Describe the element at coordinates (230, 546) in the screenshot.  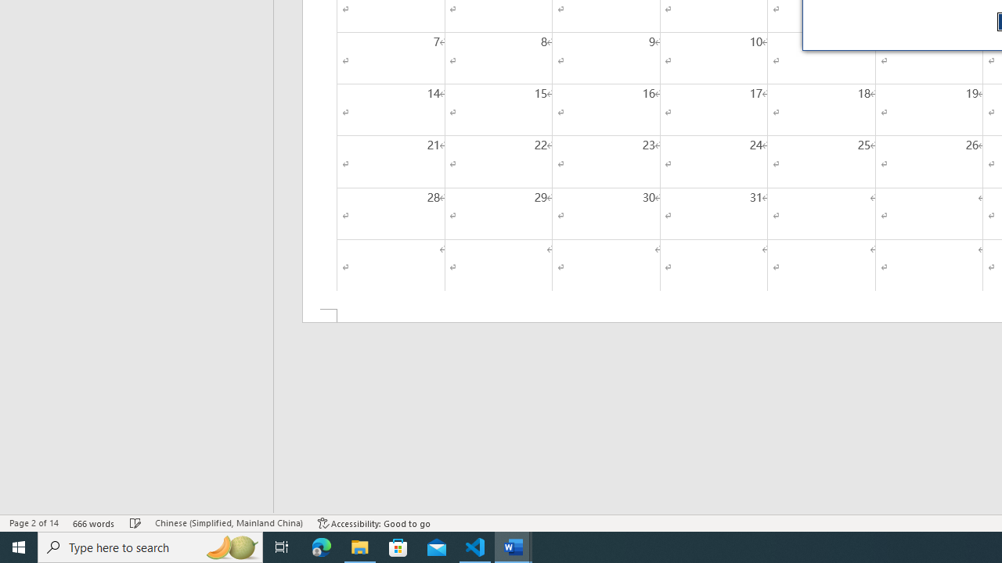
I see `'Search highlights icon opens search home window'` at that location.